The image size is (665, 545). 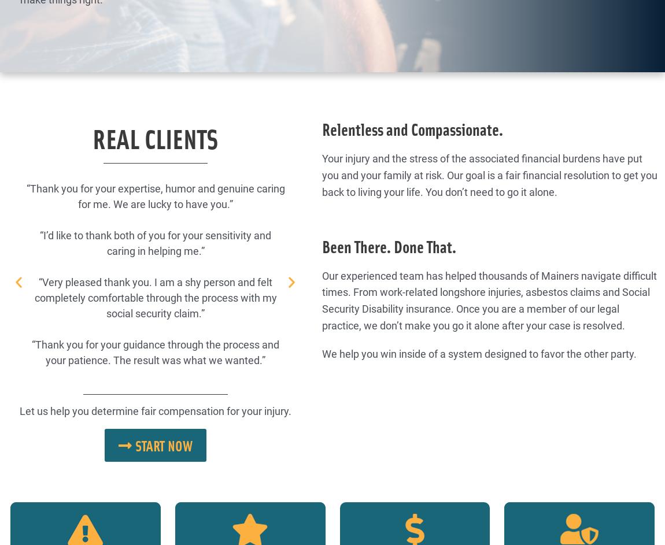 What do you see at coordinates (154, 138) in the screenshot?
I see `'REAL CLIENTS'` at bounding box center [154, 138].